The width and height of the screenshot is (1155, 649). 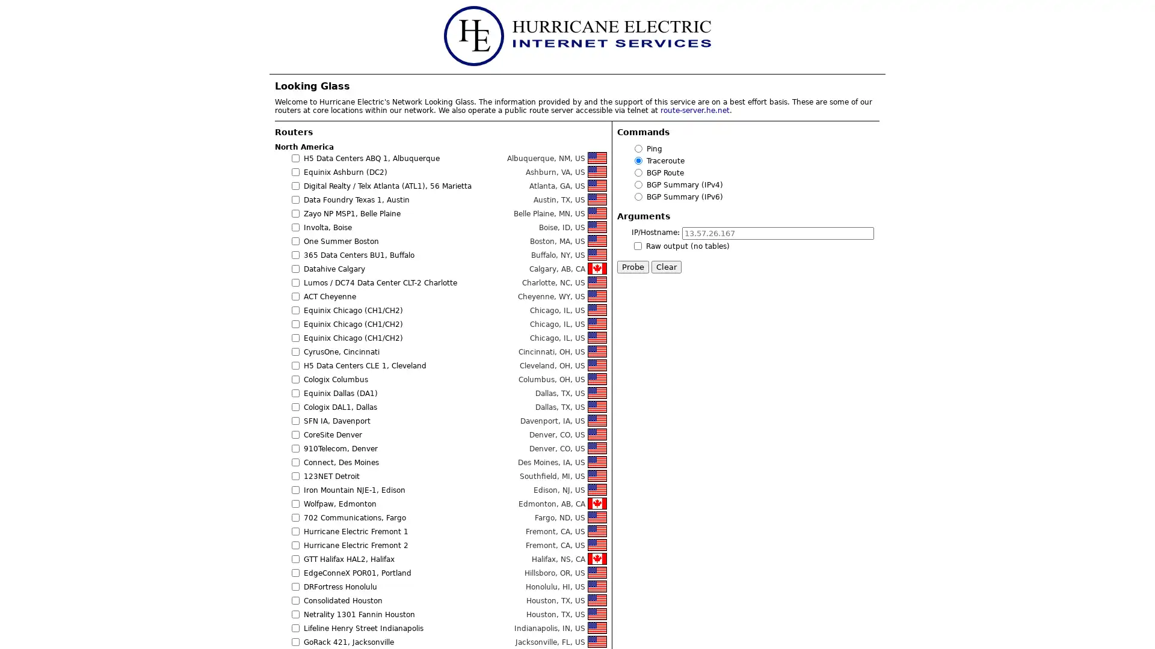 I want to click on Probe, so click(x=632, y=266).